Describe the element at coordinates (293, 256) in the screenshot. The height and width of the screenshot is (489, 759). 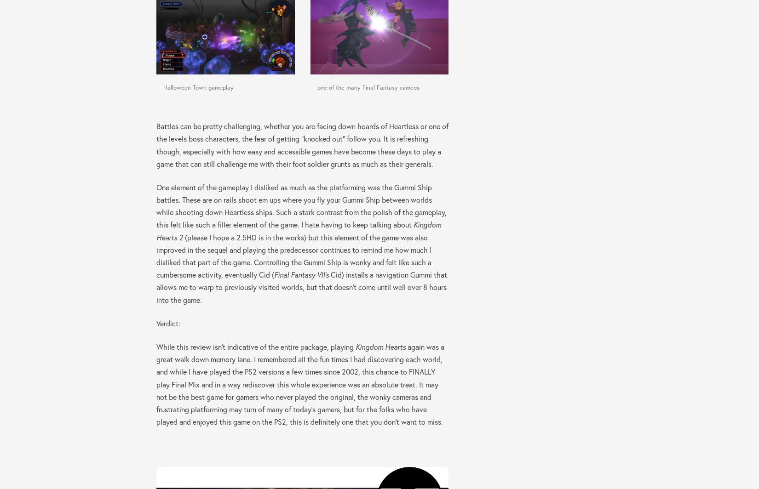
I see `'(please I hope
a 2.5HD is in the works) but this element of the game was also improved in the
sequel and playing the predecessor continues to remind me how much I disliked
that part of the game. Controlling the Gummi Ship is wonky and felt like such a
cumbersome activity, eventually Cid ('` at that location.